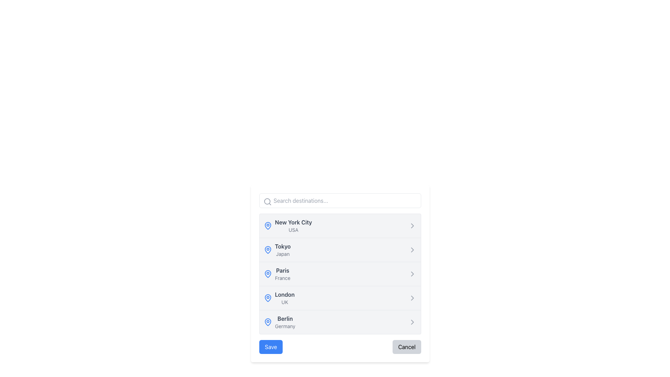  I want to click on the second list item displaying the location 'Tokyo, Japan', so click(277, 250).